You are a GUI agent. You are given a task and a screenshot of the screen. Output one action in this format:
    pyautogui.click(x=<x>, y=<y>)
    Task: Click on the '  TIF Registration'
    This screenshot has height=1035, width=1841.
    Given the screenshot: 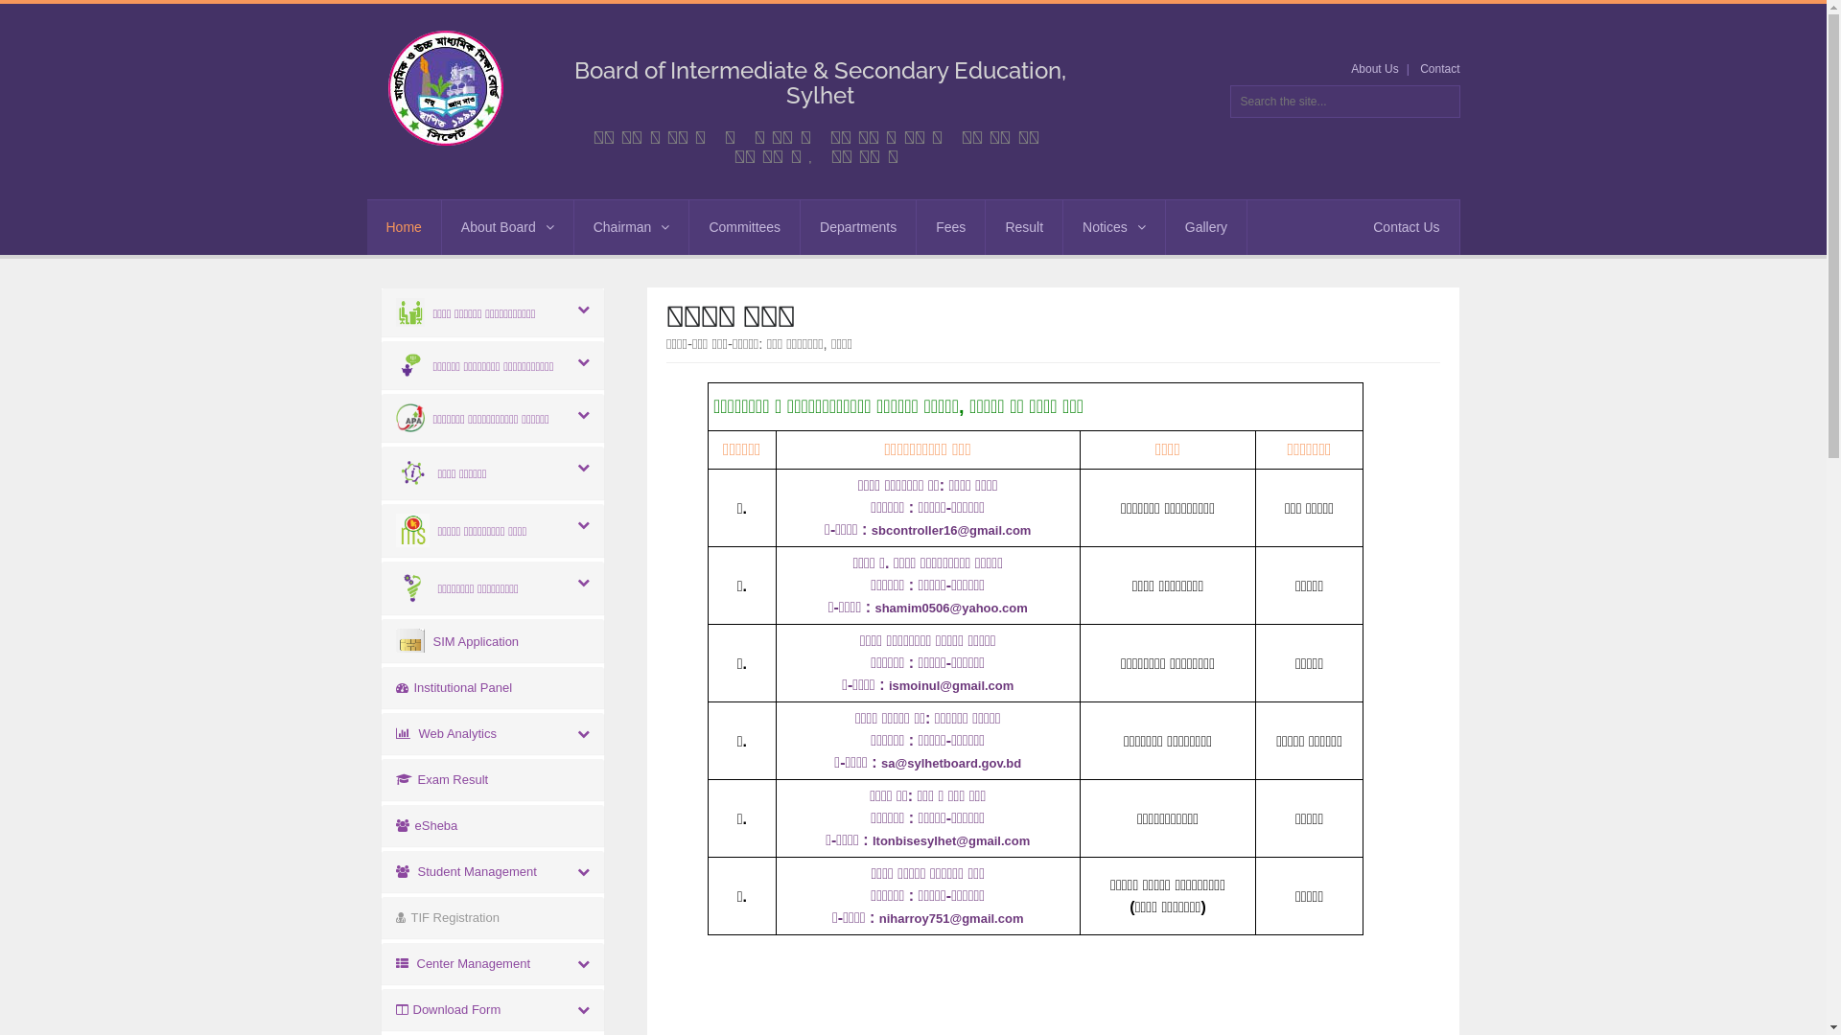 What is the action you would take?
    pyautogui.click(x=394, y=916)
    